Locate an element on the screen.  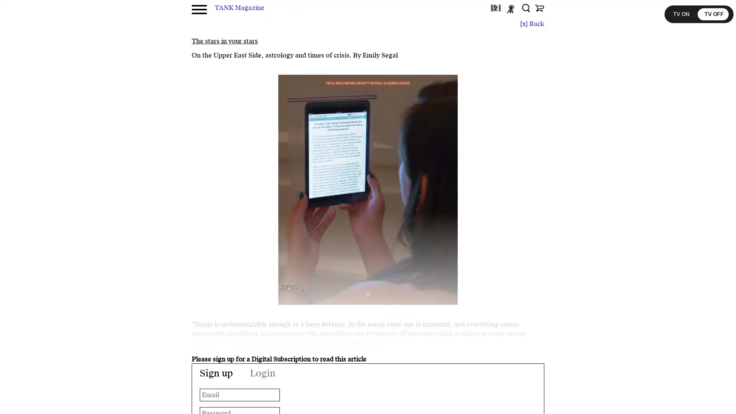
TANKtv is located at coordinates (496, 8).